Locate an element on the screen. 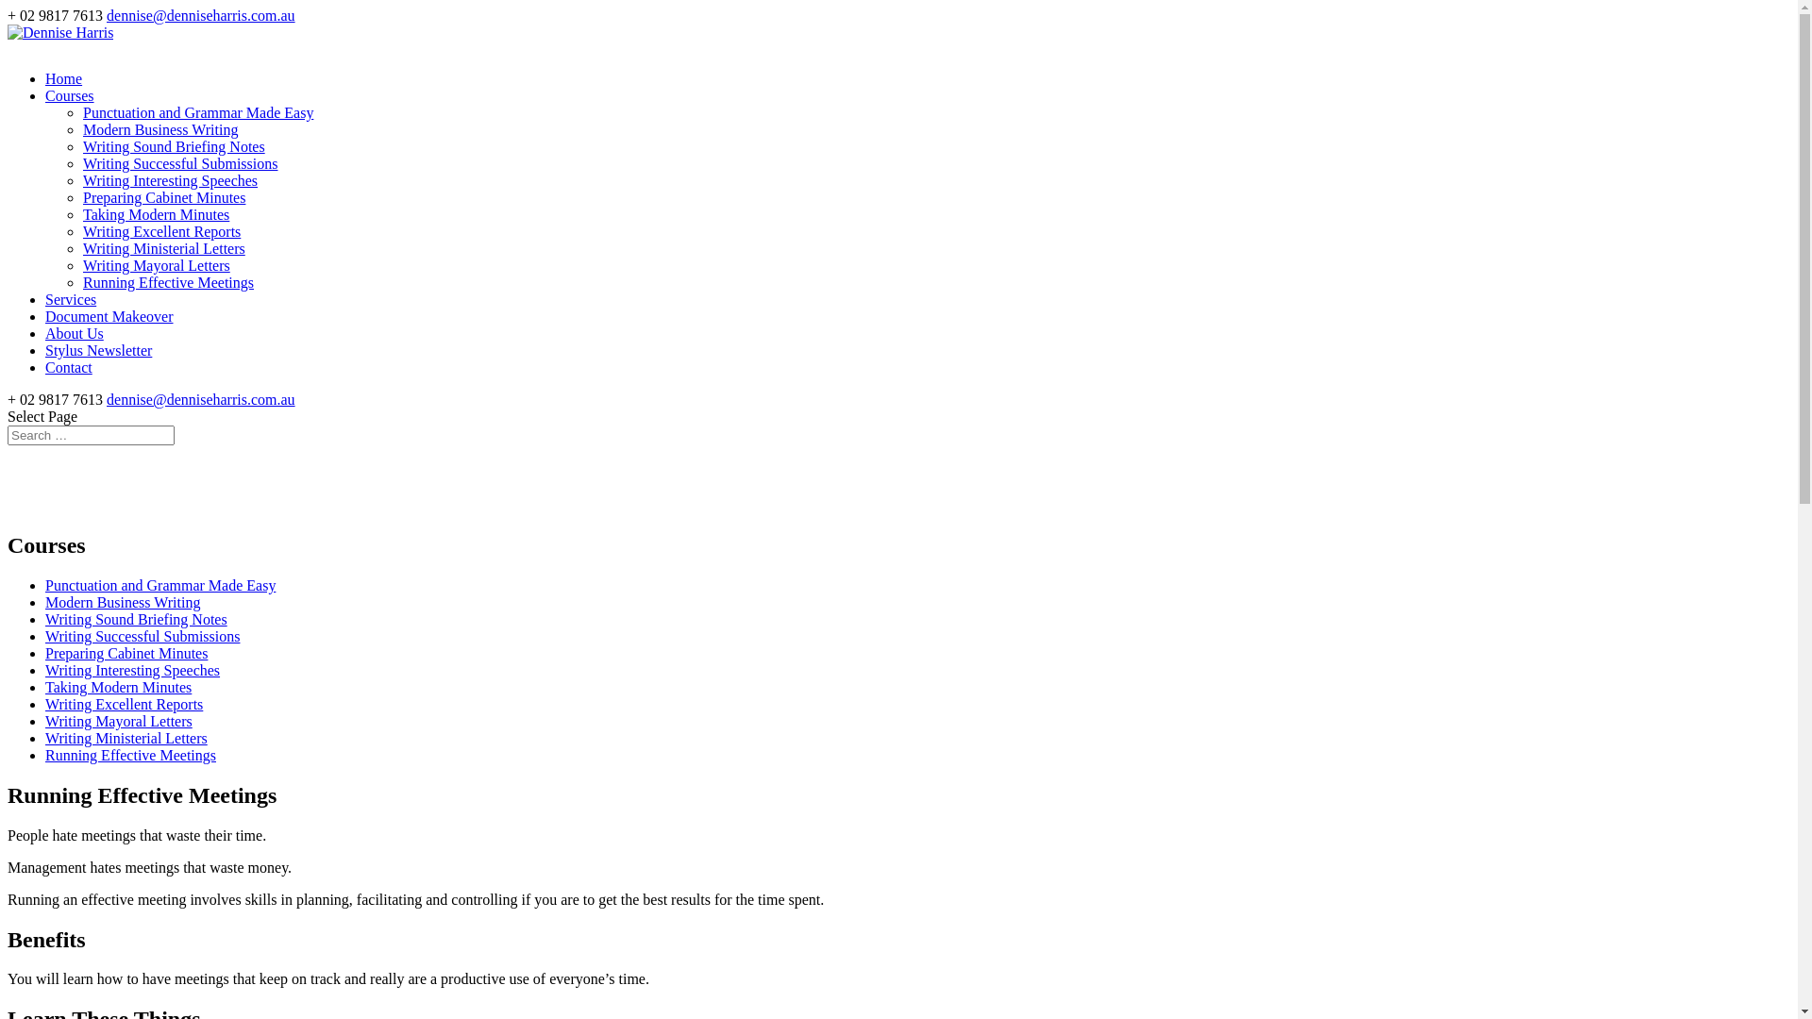 The image size is (1812, 1019). 'Modern Business Writing' is located at coordinates (159, 128).